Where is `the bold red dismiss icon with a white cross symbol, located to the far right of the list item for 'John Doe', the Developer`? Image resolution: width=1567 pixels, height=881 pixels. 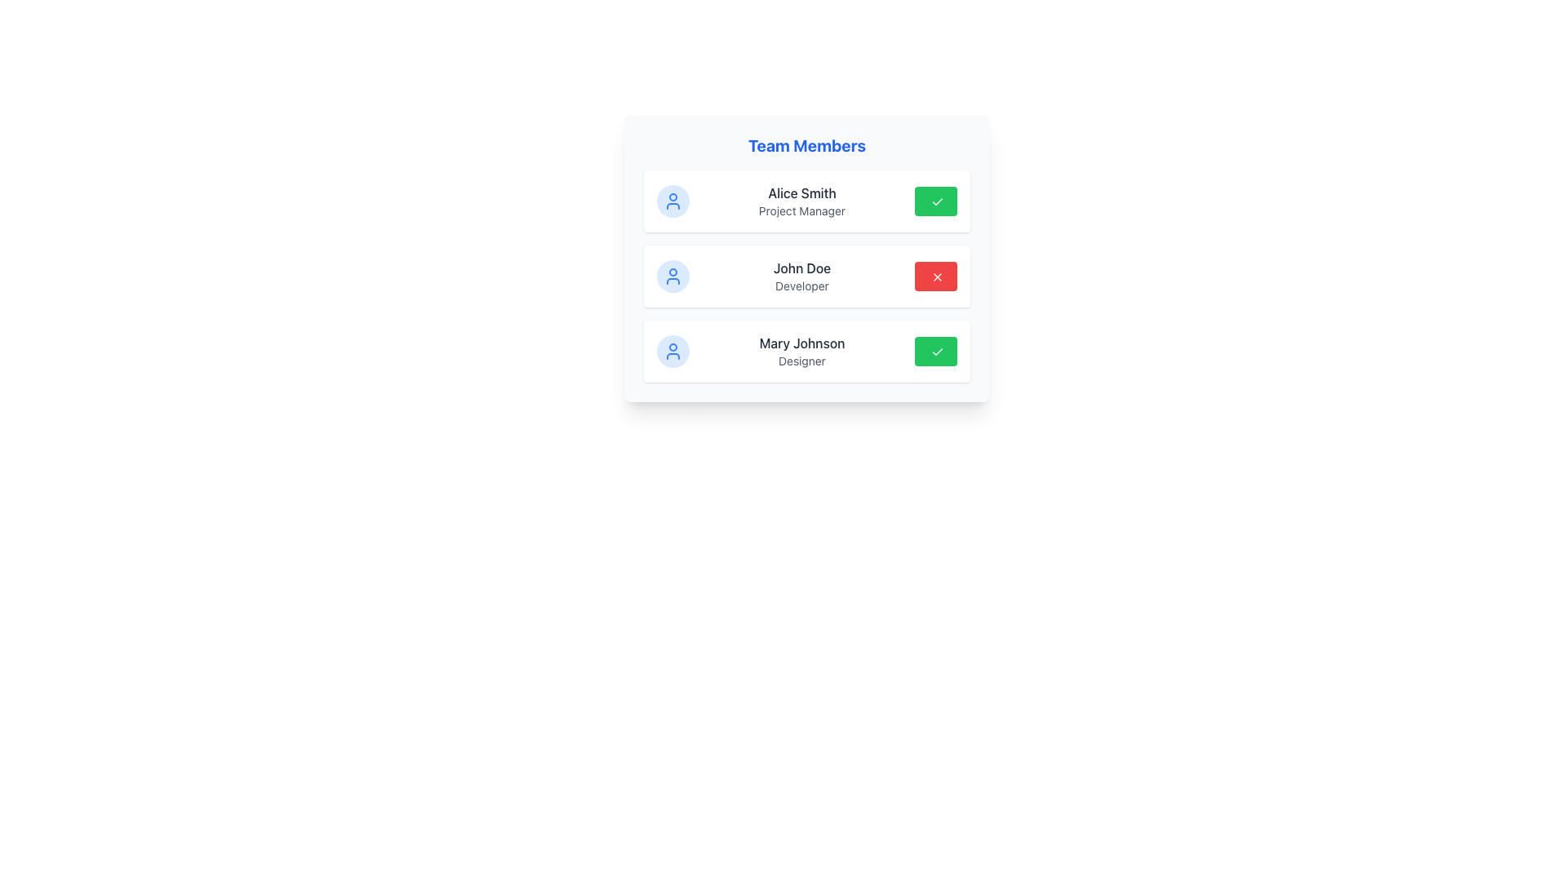 the bold red dismiss icon with a white cross symbol, located to the far right of the list item for 'John Doe', the Developer is located at coordinates (937, 276).